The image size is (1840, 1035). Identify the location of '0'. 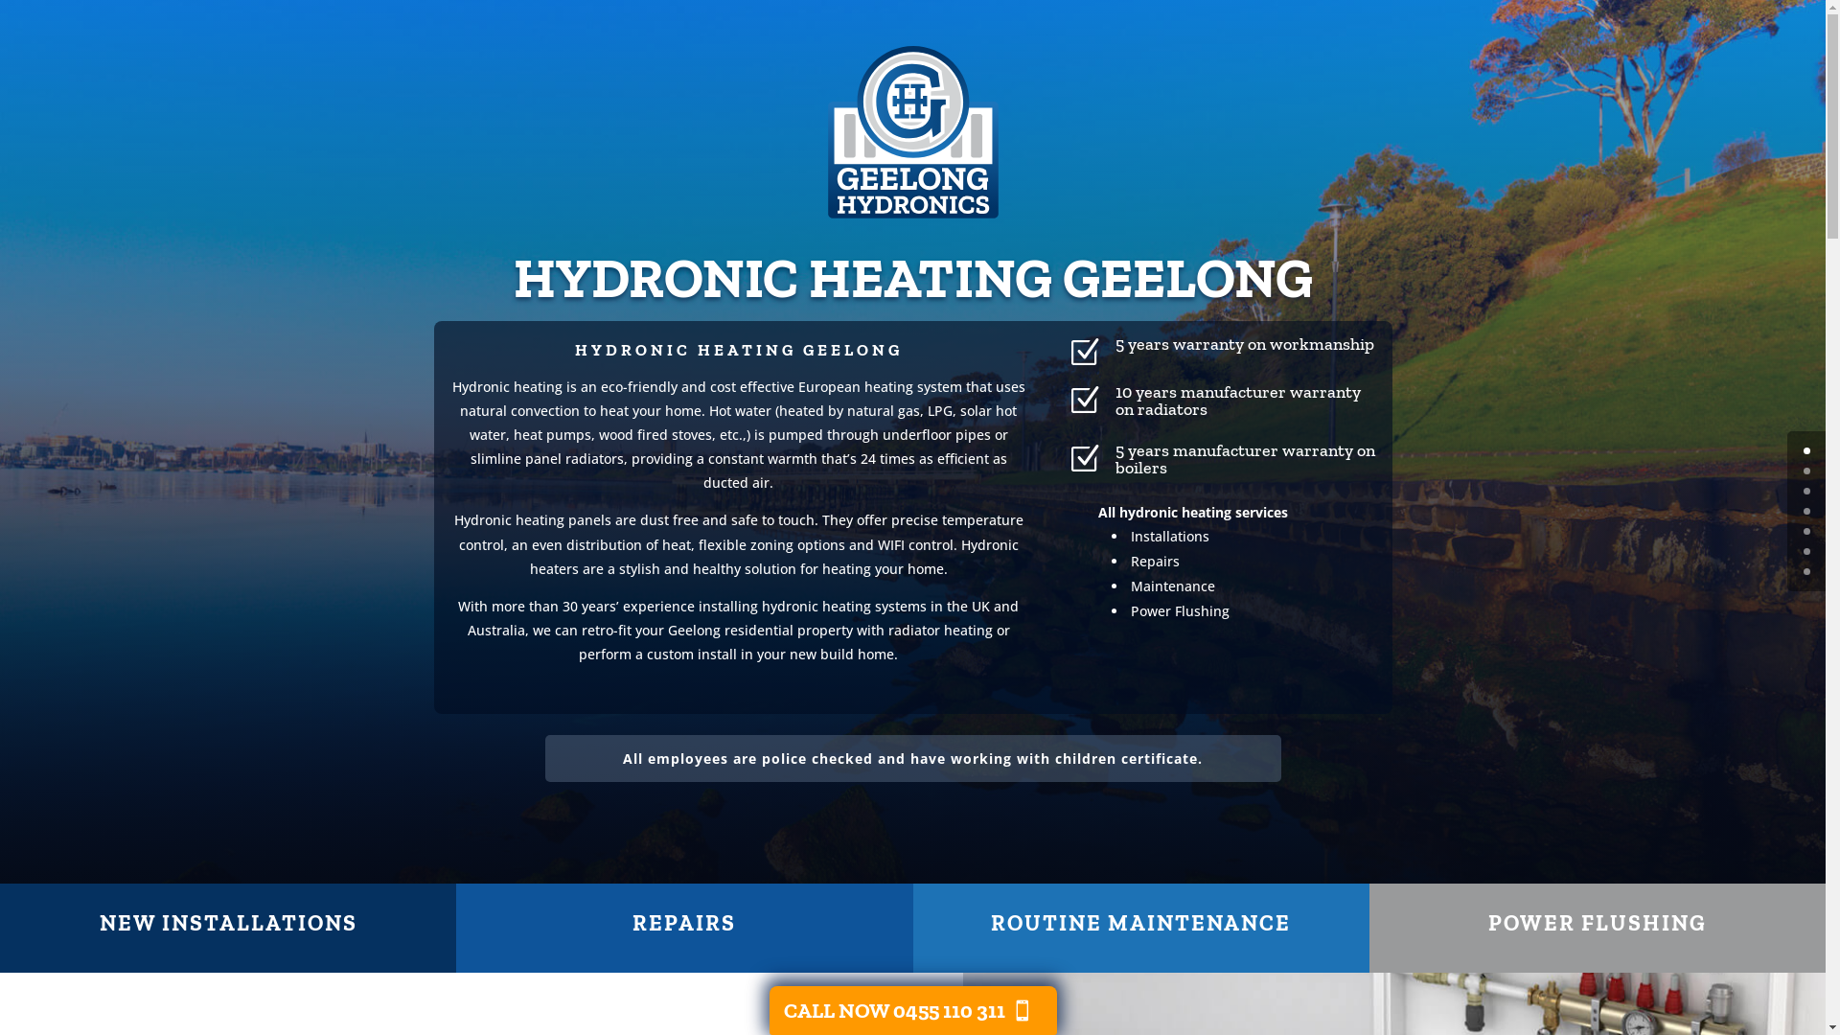
(1805, 450).